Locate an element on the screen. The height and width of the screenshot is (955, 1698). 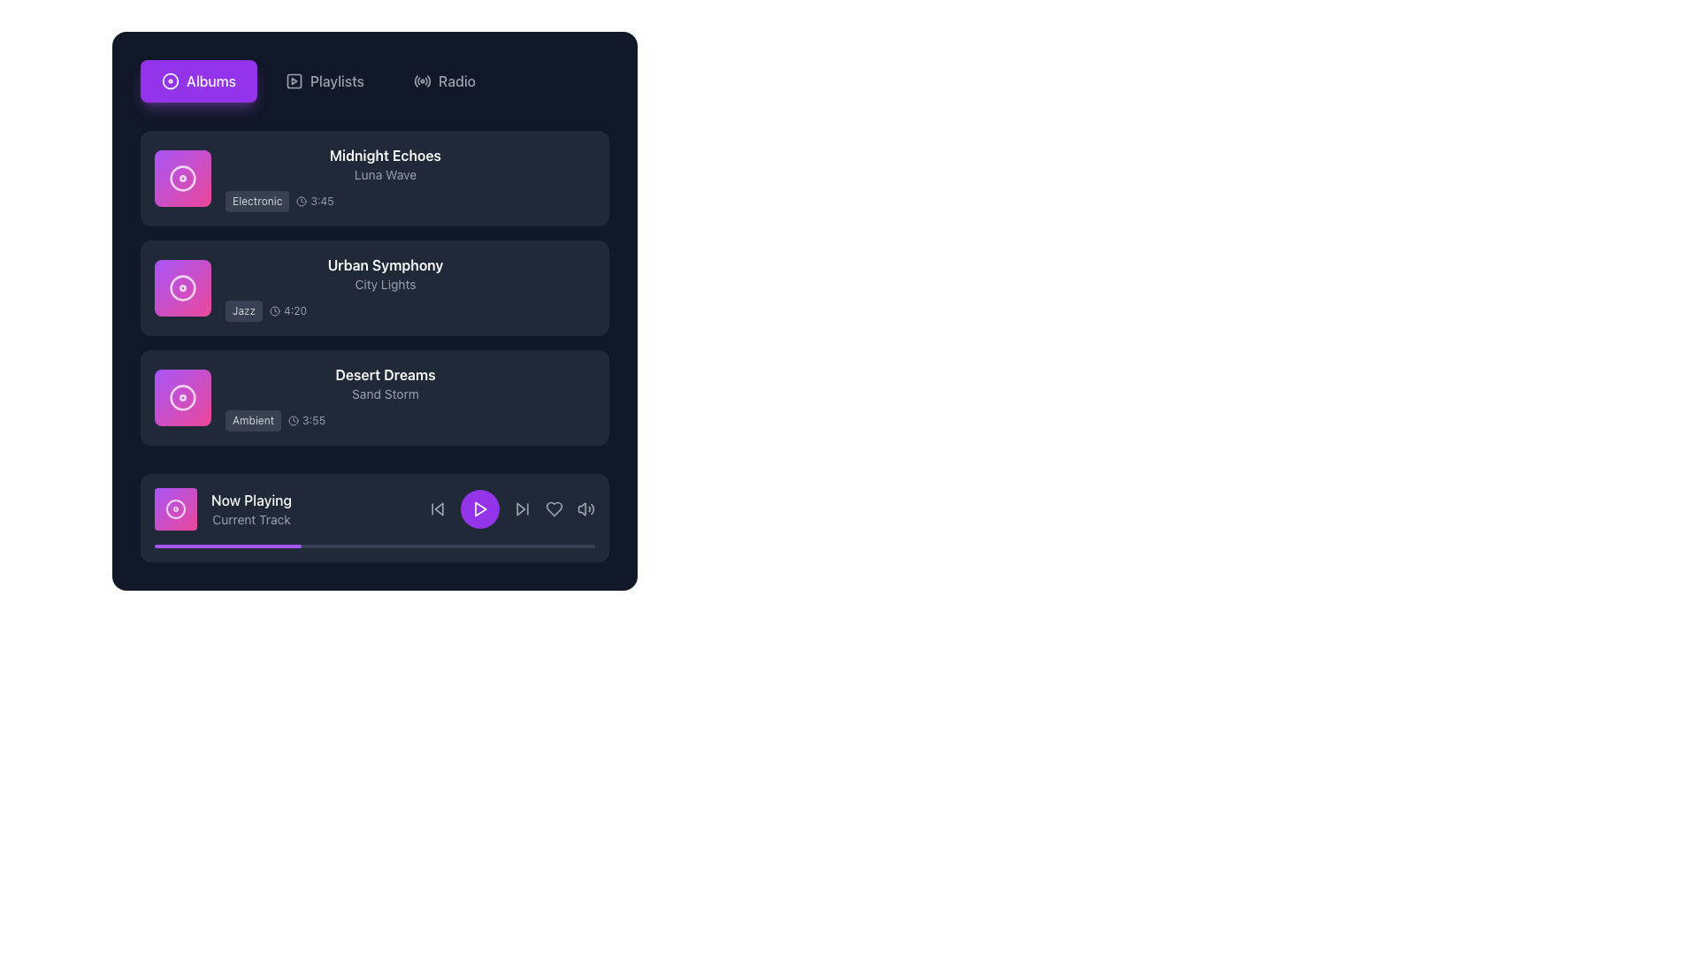
the skip track icon button located in the bottom control panel of the music player interface to change its color is located at coordinates (521, 508).